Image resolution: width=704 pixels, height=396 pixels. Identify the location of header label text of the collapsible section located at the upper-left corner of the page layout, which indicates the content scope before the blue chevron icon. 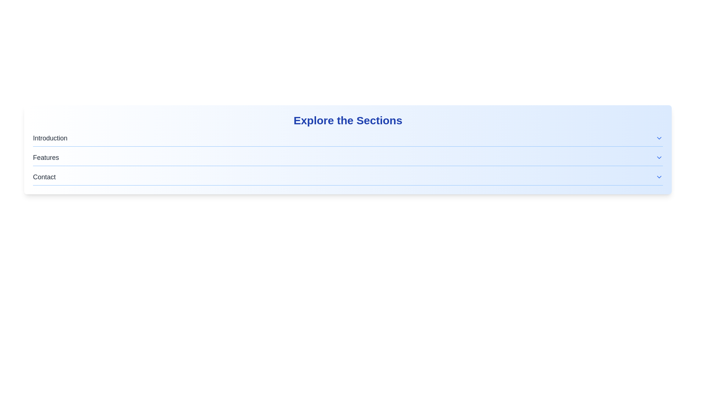
(50, 138).